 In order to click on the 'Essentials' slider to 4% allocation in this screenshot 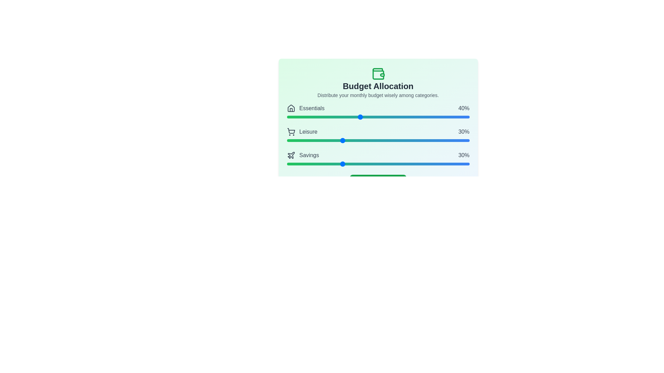, I will do `click(294, 117)`.